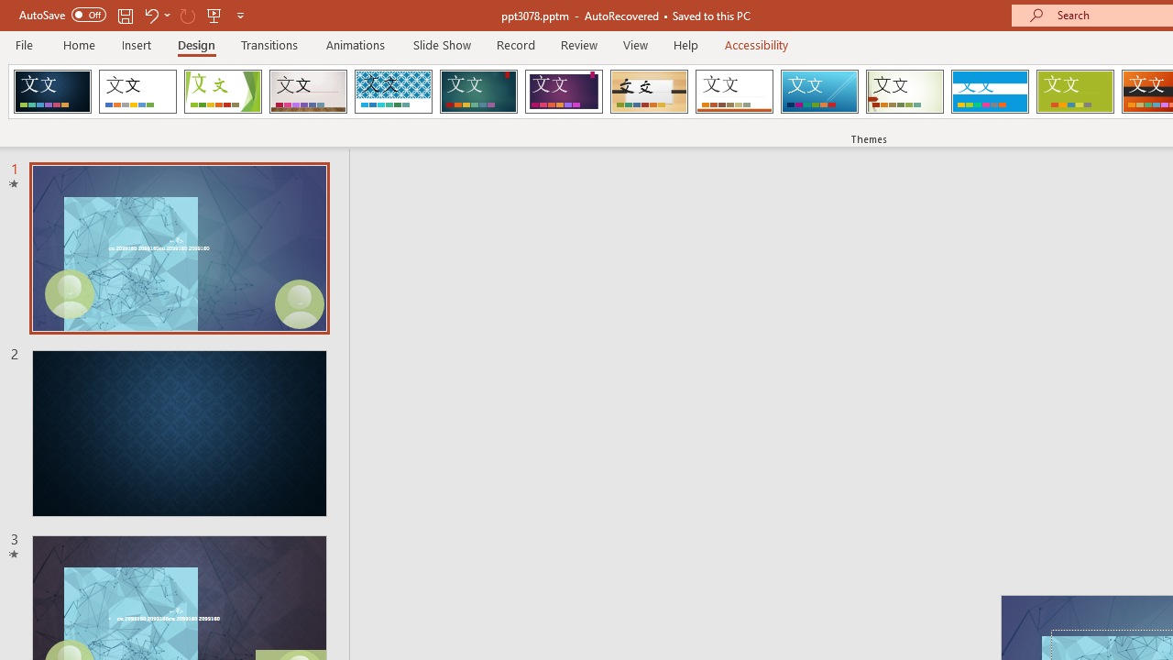 The image size is (1173, 660). I want to click on 'Retrospect', so click(734, 92).